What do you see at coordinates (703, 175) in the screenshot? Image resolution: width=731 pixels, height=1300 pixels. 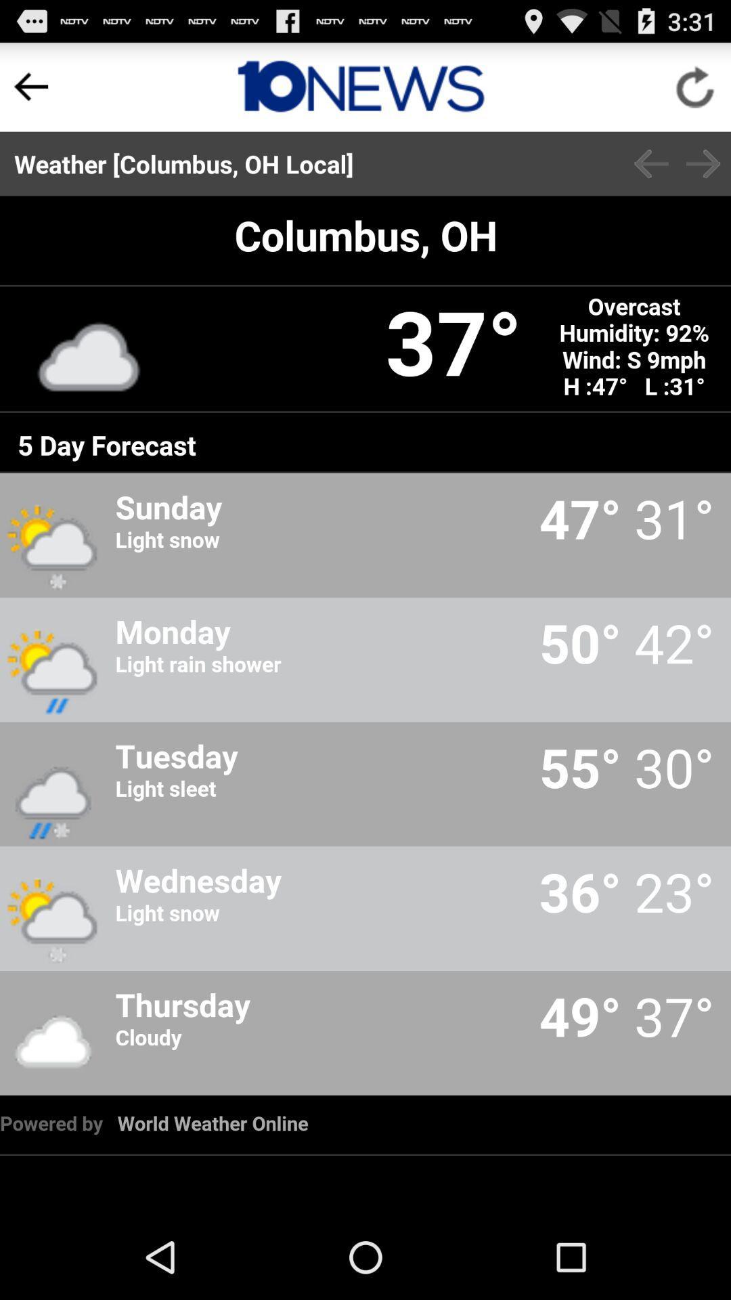 I see `the arrow_forward icon` at bounding box center [703, 175].